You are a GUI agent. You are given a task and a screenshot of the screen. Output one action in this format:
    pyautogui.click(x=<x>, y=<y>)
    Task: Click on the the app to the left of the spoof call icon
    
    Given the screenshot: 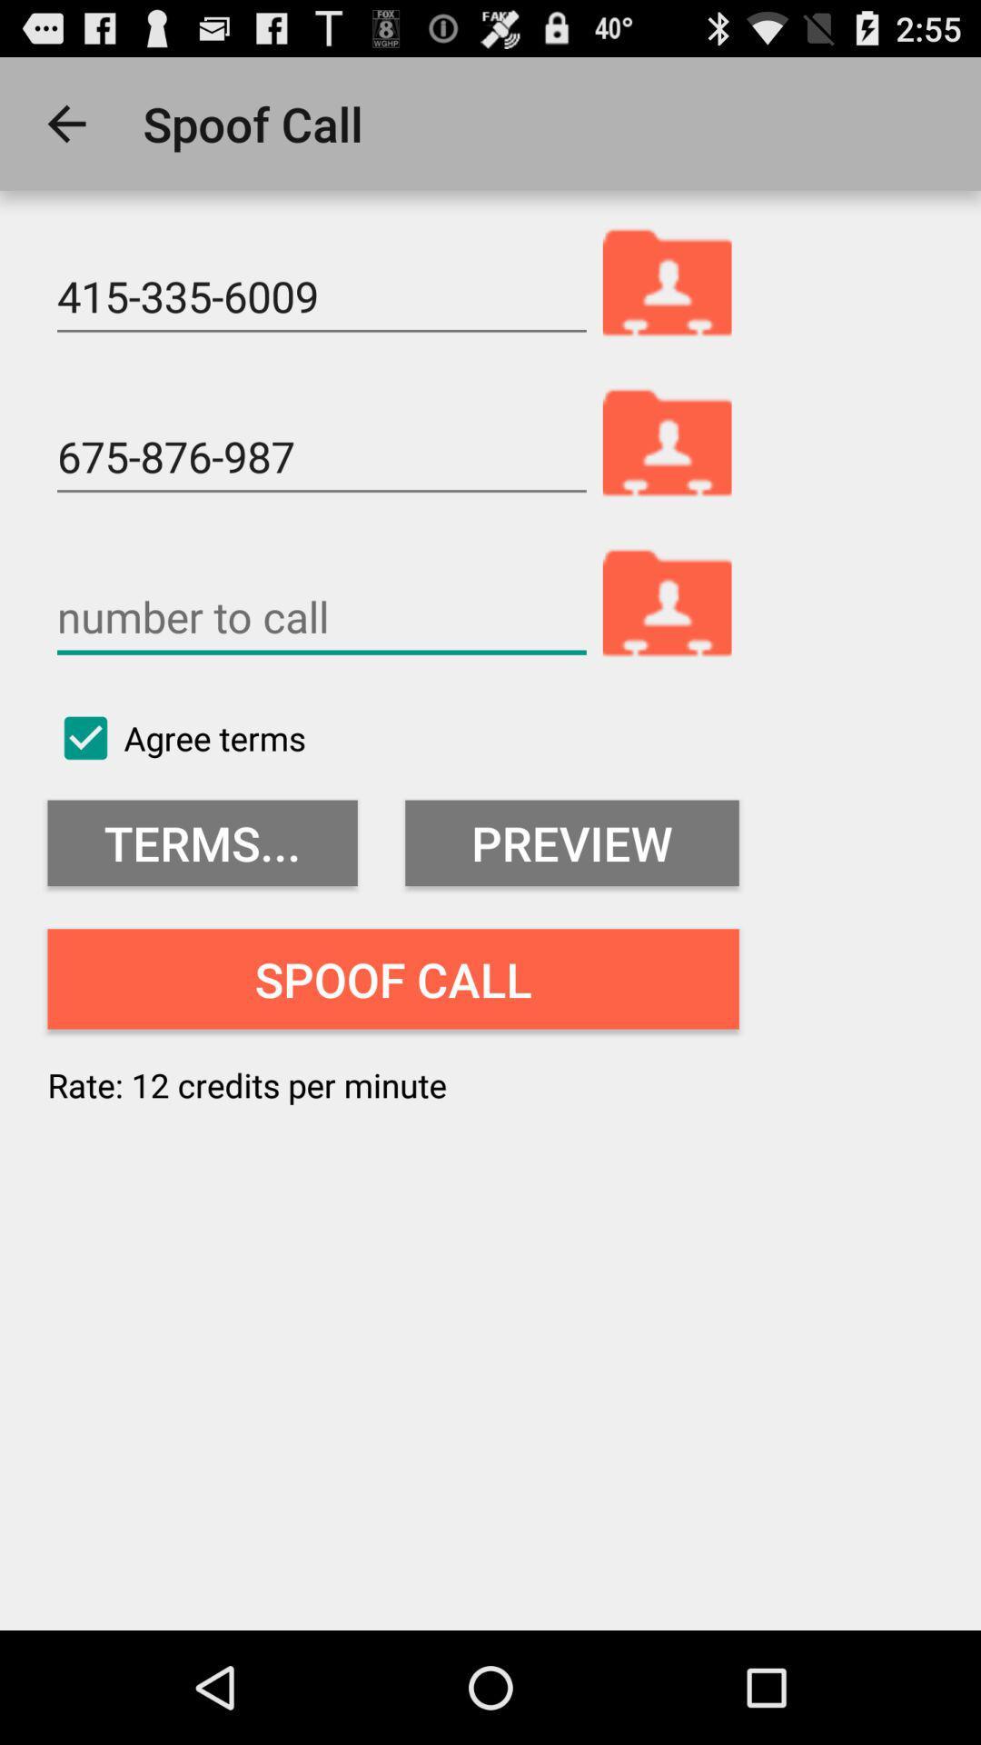 What is the action you would take?
    pyautogui.click(x=65, y=123)
    